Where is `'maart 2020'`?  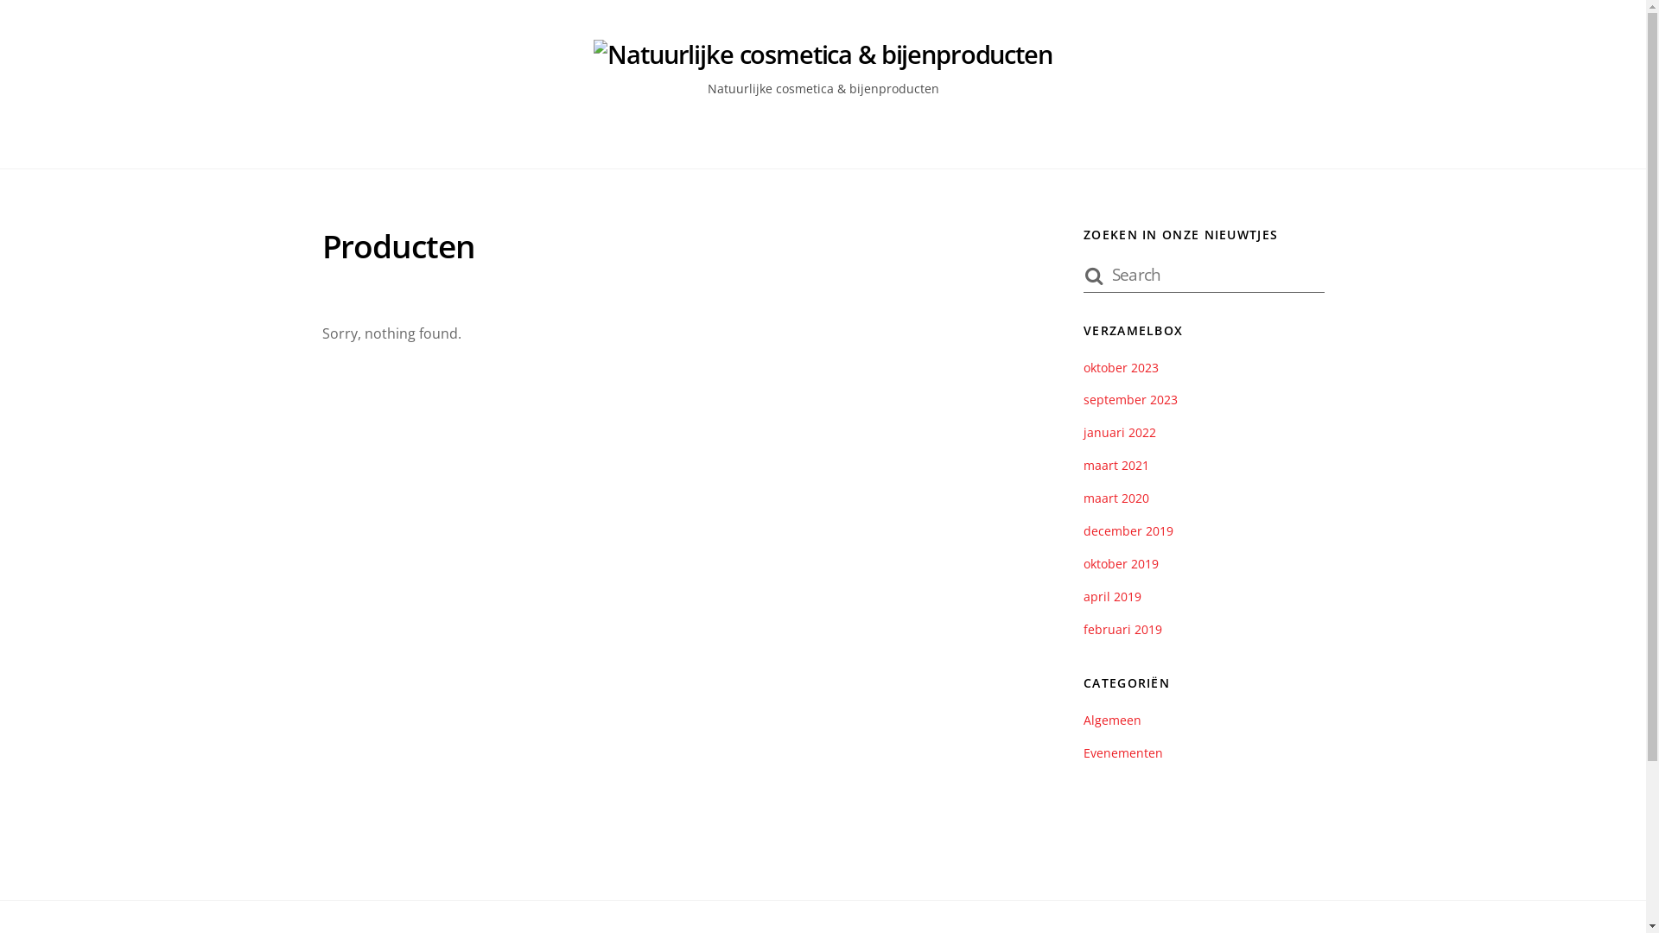
'maart 2020' is located at coordinates (1082, 498).